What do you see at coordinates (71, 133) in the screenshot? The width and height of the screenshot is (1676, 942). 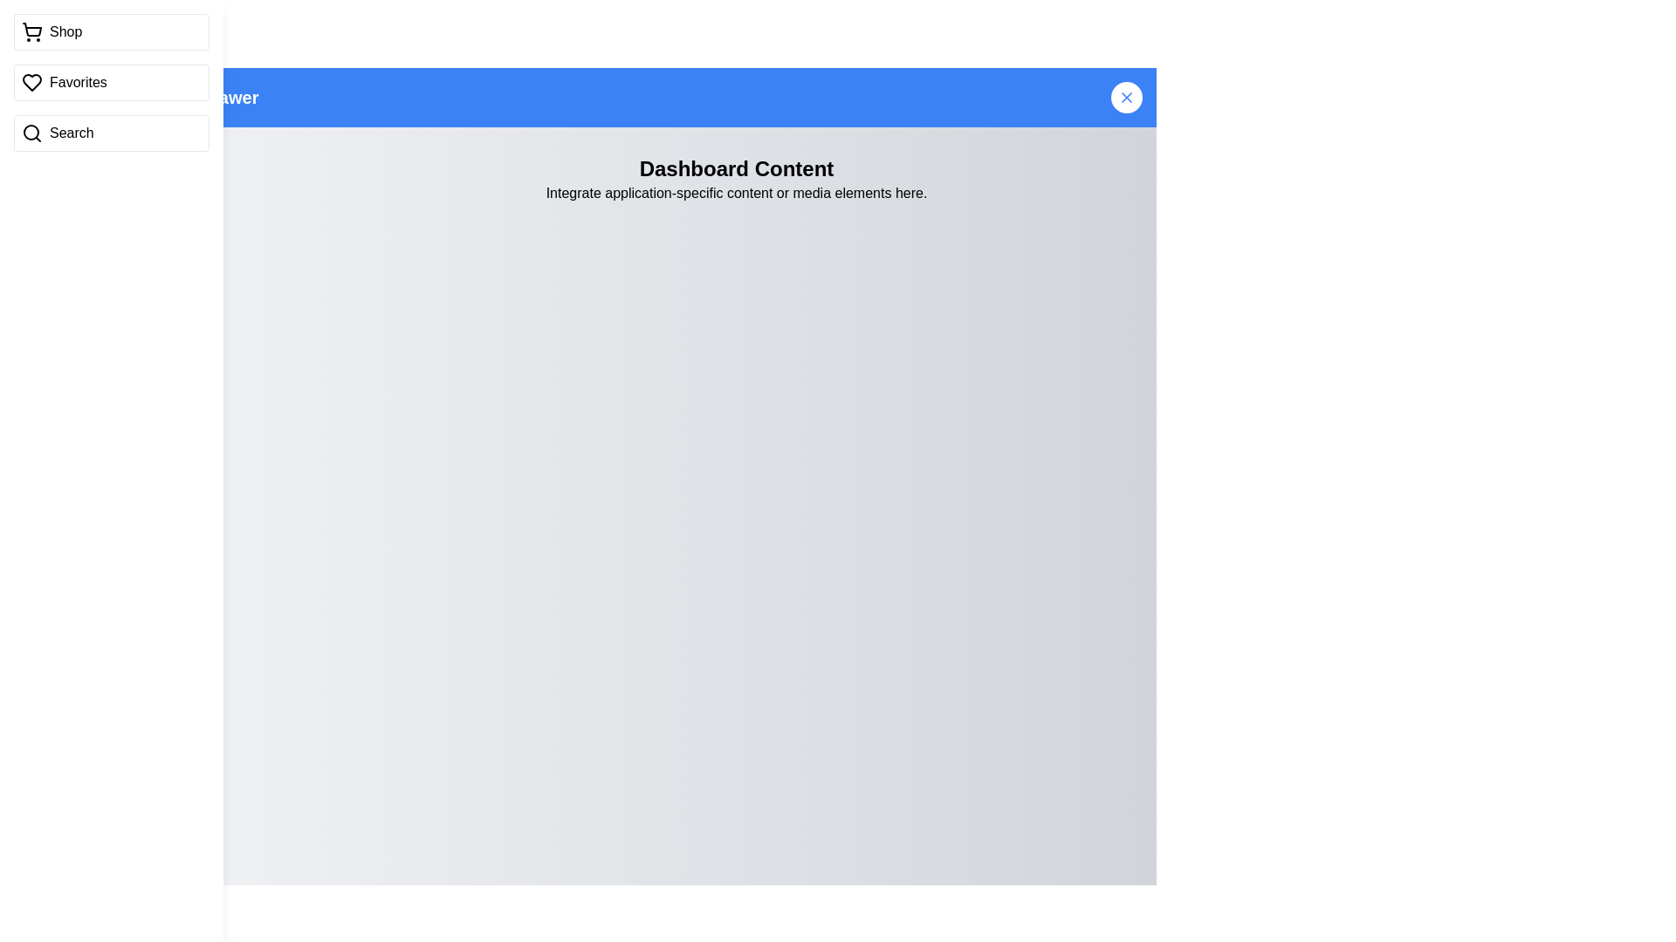 I see `the descriptive text label for the search function located in the right section of the navigation bar below the 'Favorites' section` at bounding box center [71, 133].